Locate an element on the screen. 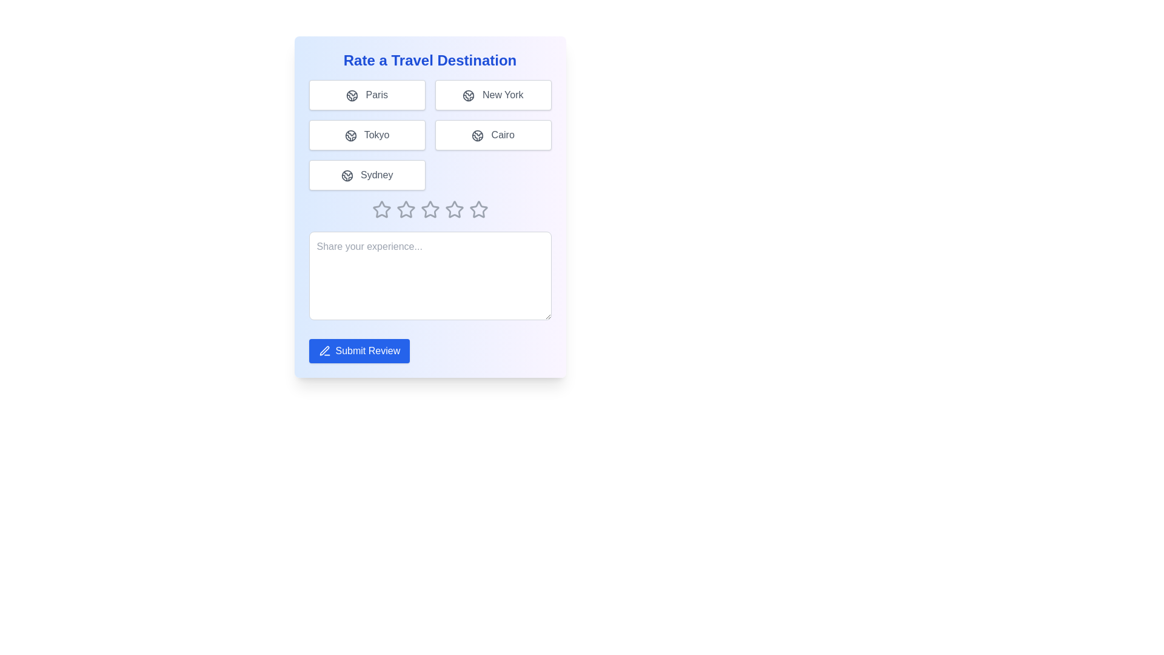 This screenshot has width=1164, height=655. the 'Paris' button, which is a rectangular button with rounded corners, a light gray border, and a globe icon followed by the text 'Paris' in gray, located is located at coordinates (366, 95).